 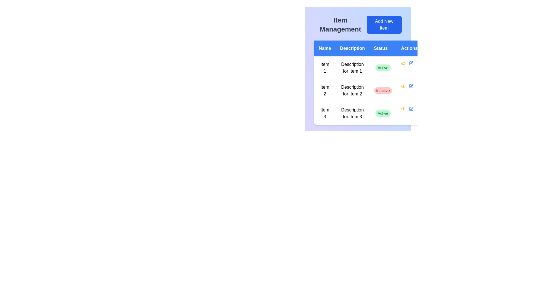 I want to click on the 'Active' status label with a green background located in the 'Status' column of the table, aligned with 'Item 3' in the third row, so click(x=383, y=113).